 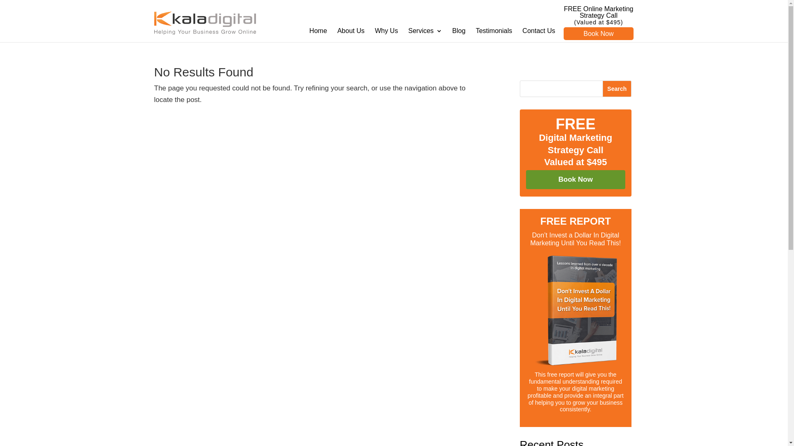 I want to click on 'Services', so click(x=425, y=34).